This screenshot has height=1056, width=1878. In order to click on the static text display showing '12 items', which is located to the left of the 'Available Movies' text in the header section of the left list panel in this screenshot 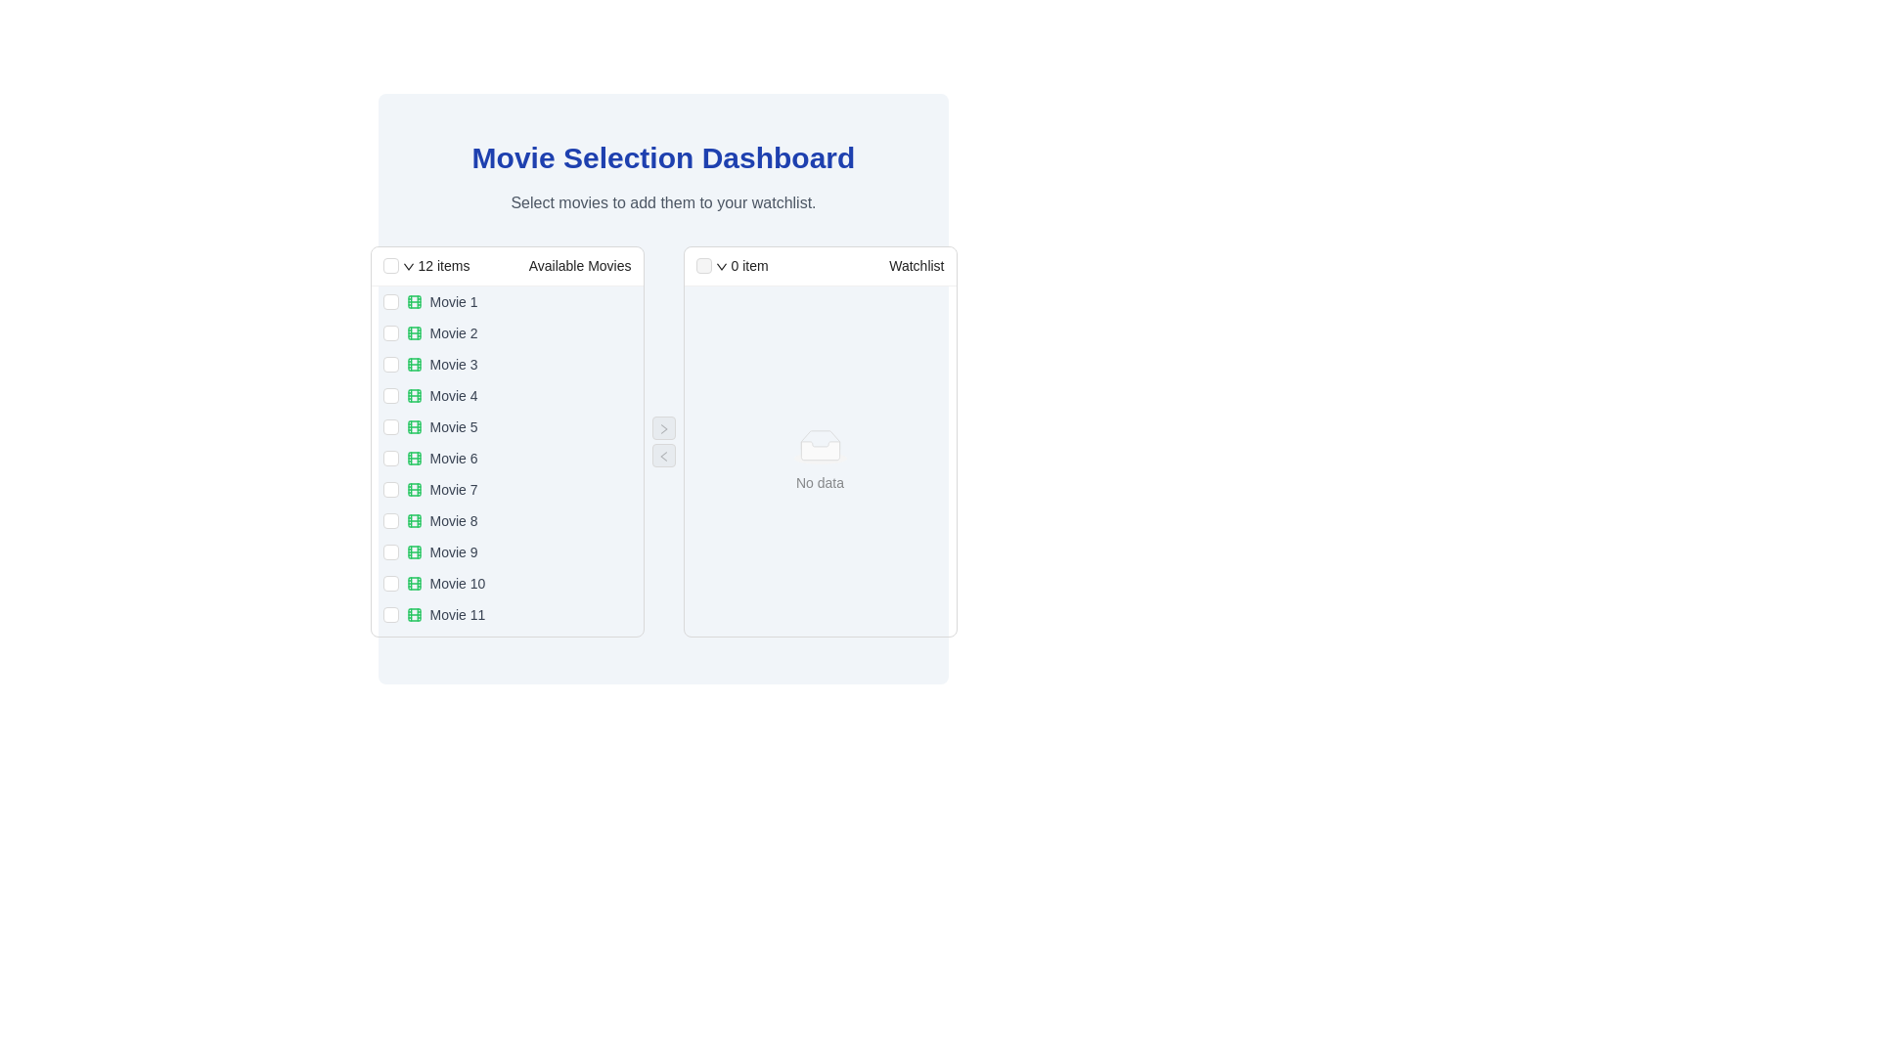, I will do `click(442, 266)`.